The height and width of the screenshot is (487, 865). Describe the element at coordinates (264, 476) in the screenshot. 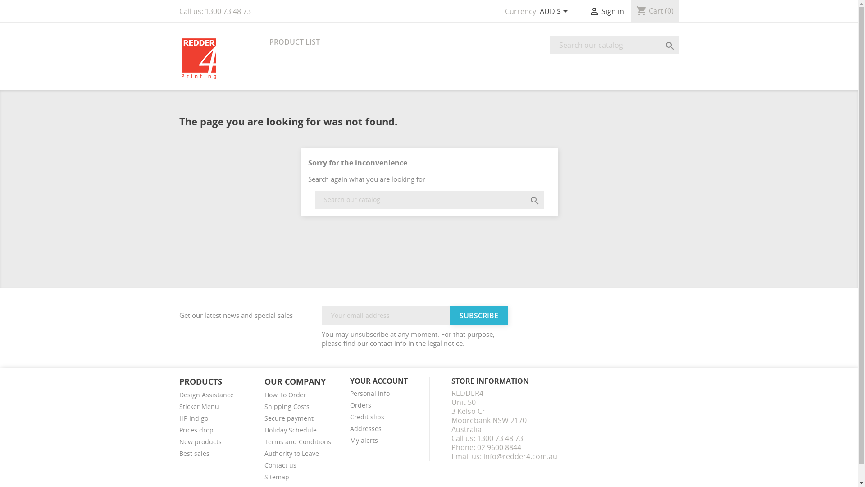

I see `'Sitemap'` at that location.